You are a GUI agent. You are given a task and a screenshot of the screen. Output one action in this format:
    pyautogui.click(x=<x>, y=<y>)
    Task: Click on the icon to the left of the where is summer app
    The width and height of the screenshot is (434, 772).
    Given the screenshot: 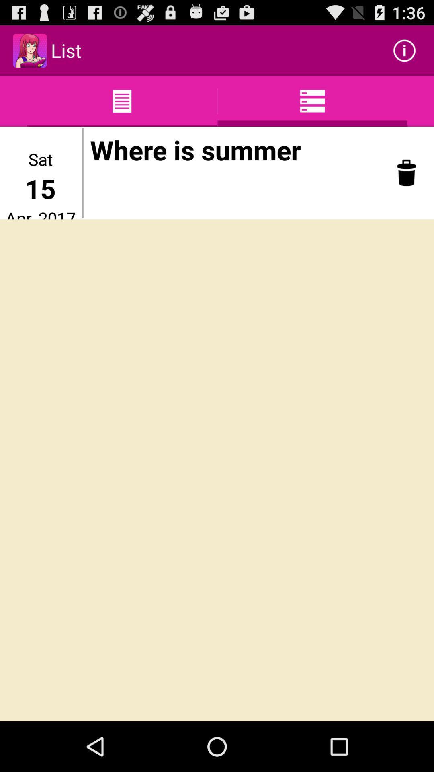 What is the action you would take?
    pyautogui.click(x=83, y=172)
    